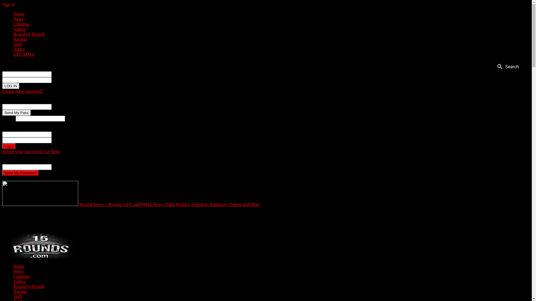 The height and width of the screenshot is (301, 536). I want to click on 'Sign in', so click(8, 4).